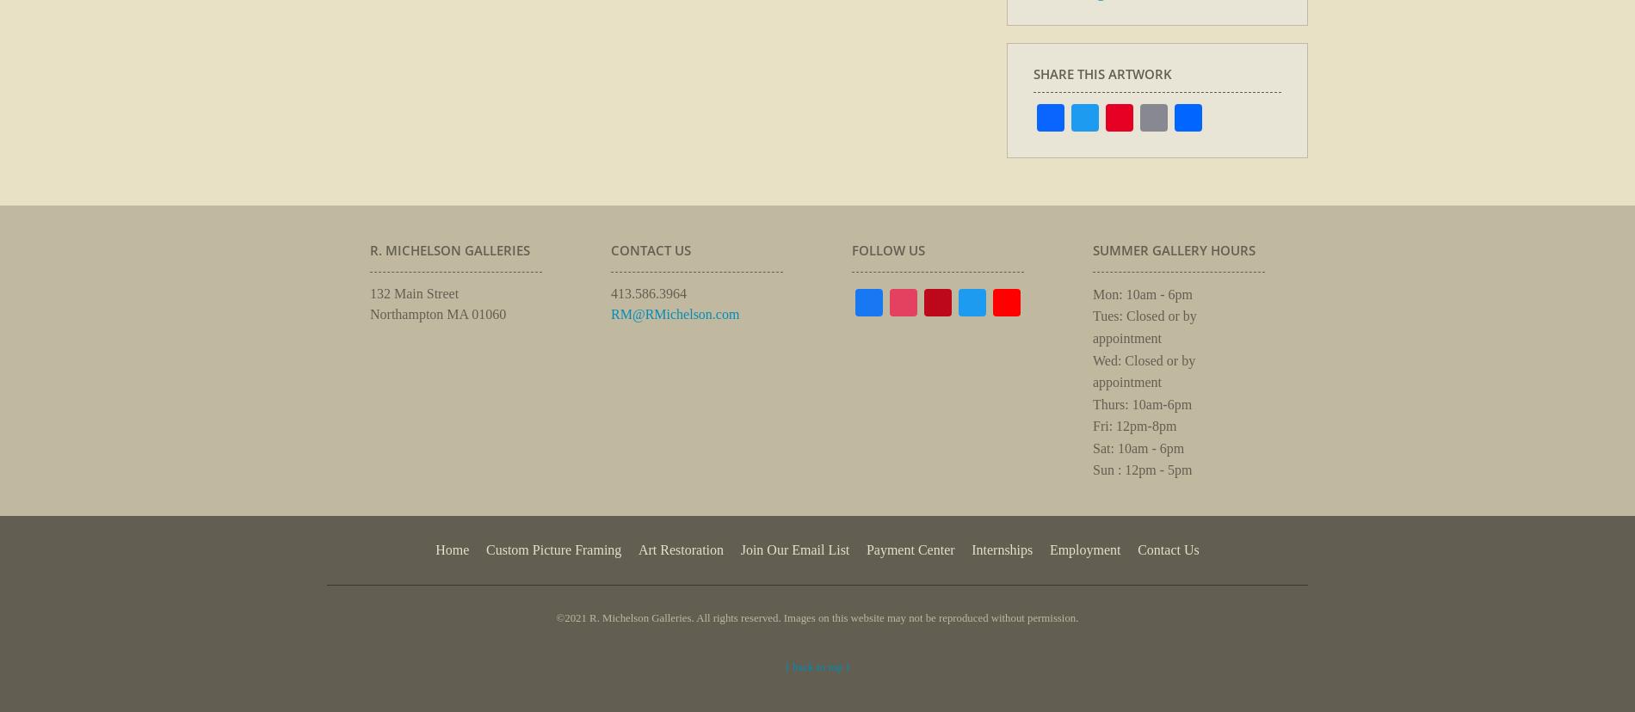 This screenshot has height=712, width=1635. Describe the element at coordinates (368, 313) in the screenshot. I see `'Northampton MA 01060'` at that location.